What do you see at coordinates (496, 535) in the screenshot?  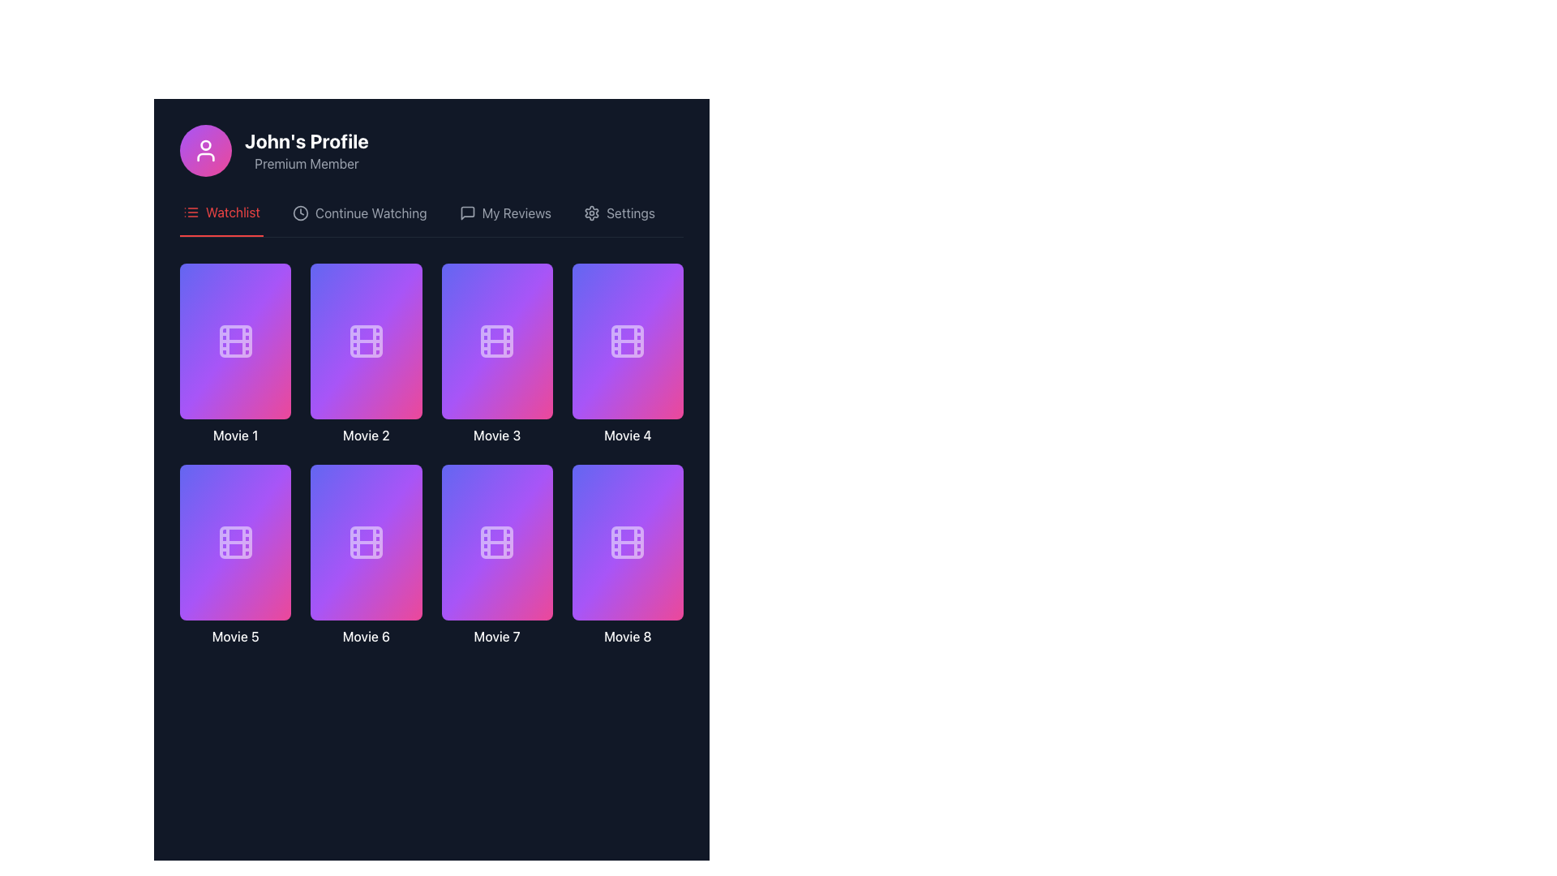 I see `the play button with a triangular play symbol for 'Movie 7'` at bounding box center [496, 535].